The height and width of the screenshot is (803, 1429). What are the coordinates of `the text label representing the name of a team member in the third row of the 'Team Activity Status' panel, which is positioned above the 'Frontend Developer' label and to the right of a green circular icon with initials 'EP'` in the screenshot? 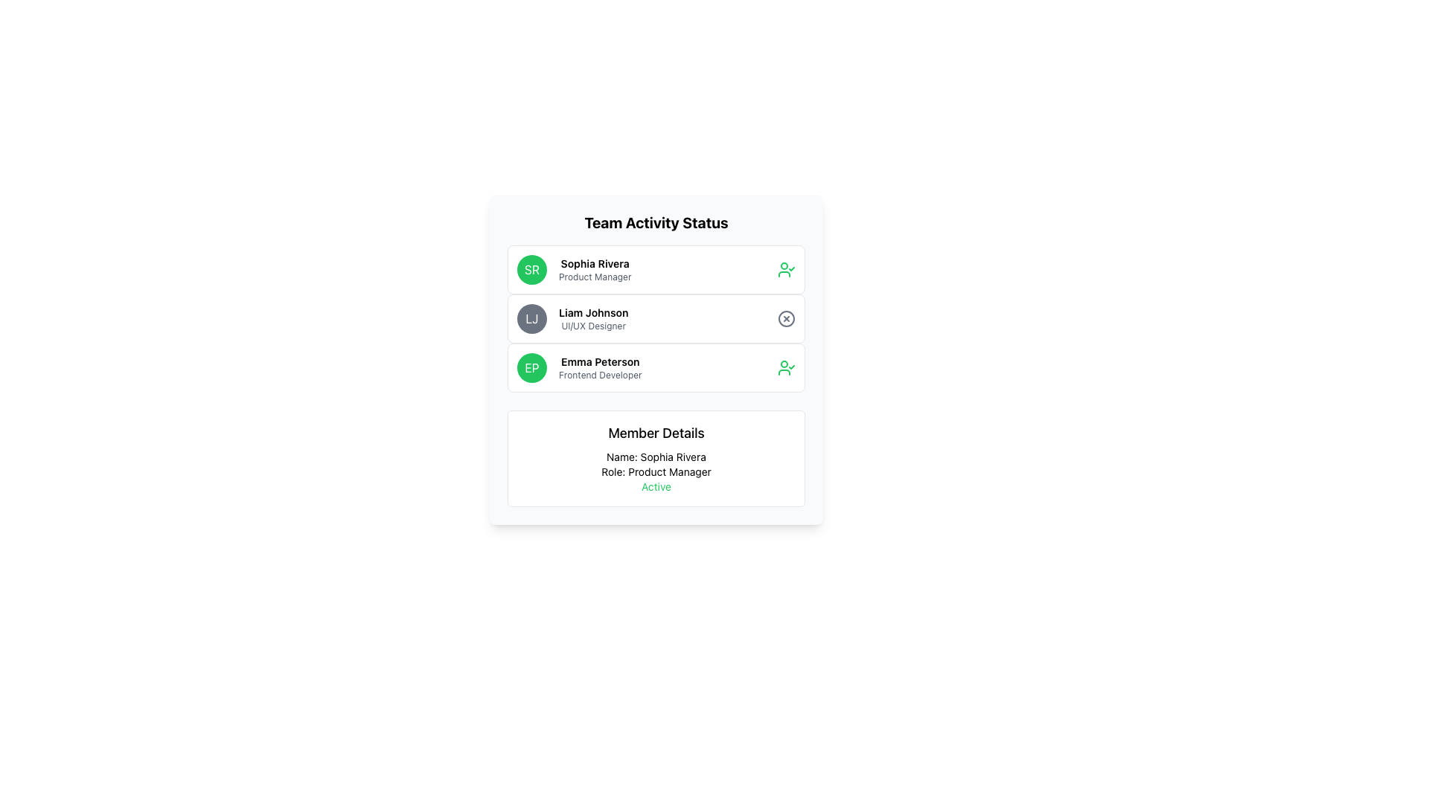 It's located at (600, 361).